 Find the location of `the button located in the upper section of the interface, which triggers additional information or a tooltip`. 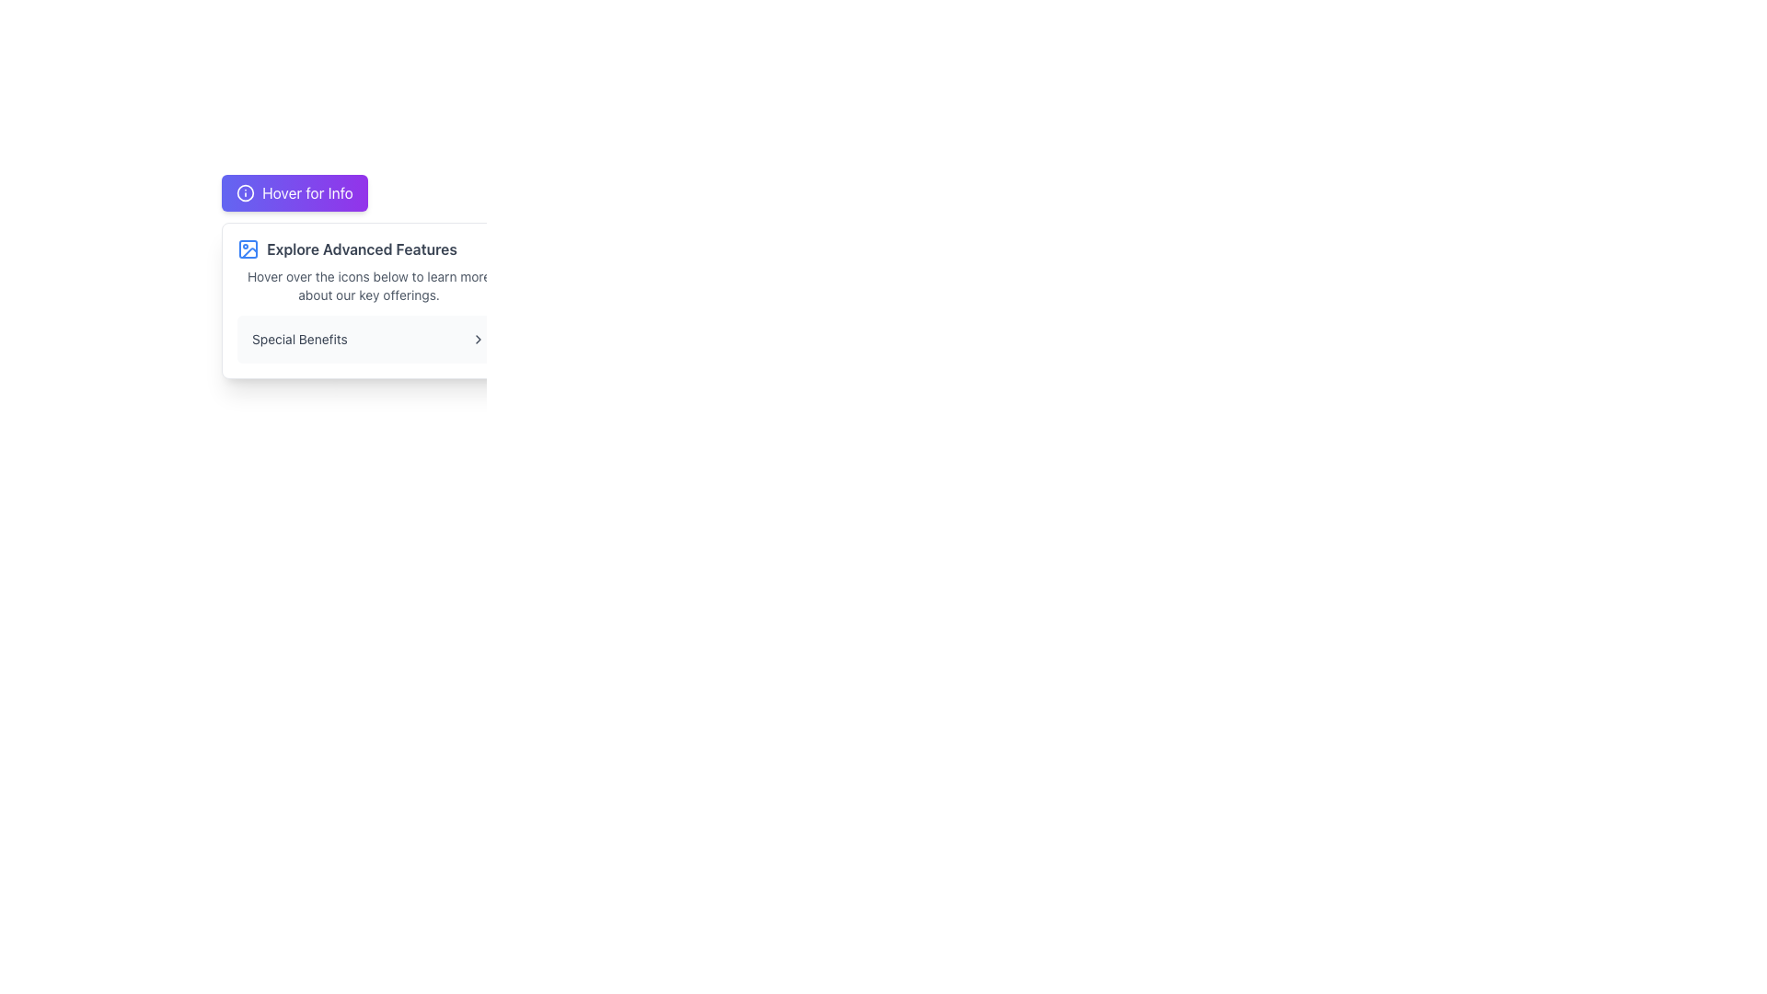

the button located in the upper section of the interface, which triggers additional information or a tooltip is located at coordinates (294, 192).